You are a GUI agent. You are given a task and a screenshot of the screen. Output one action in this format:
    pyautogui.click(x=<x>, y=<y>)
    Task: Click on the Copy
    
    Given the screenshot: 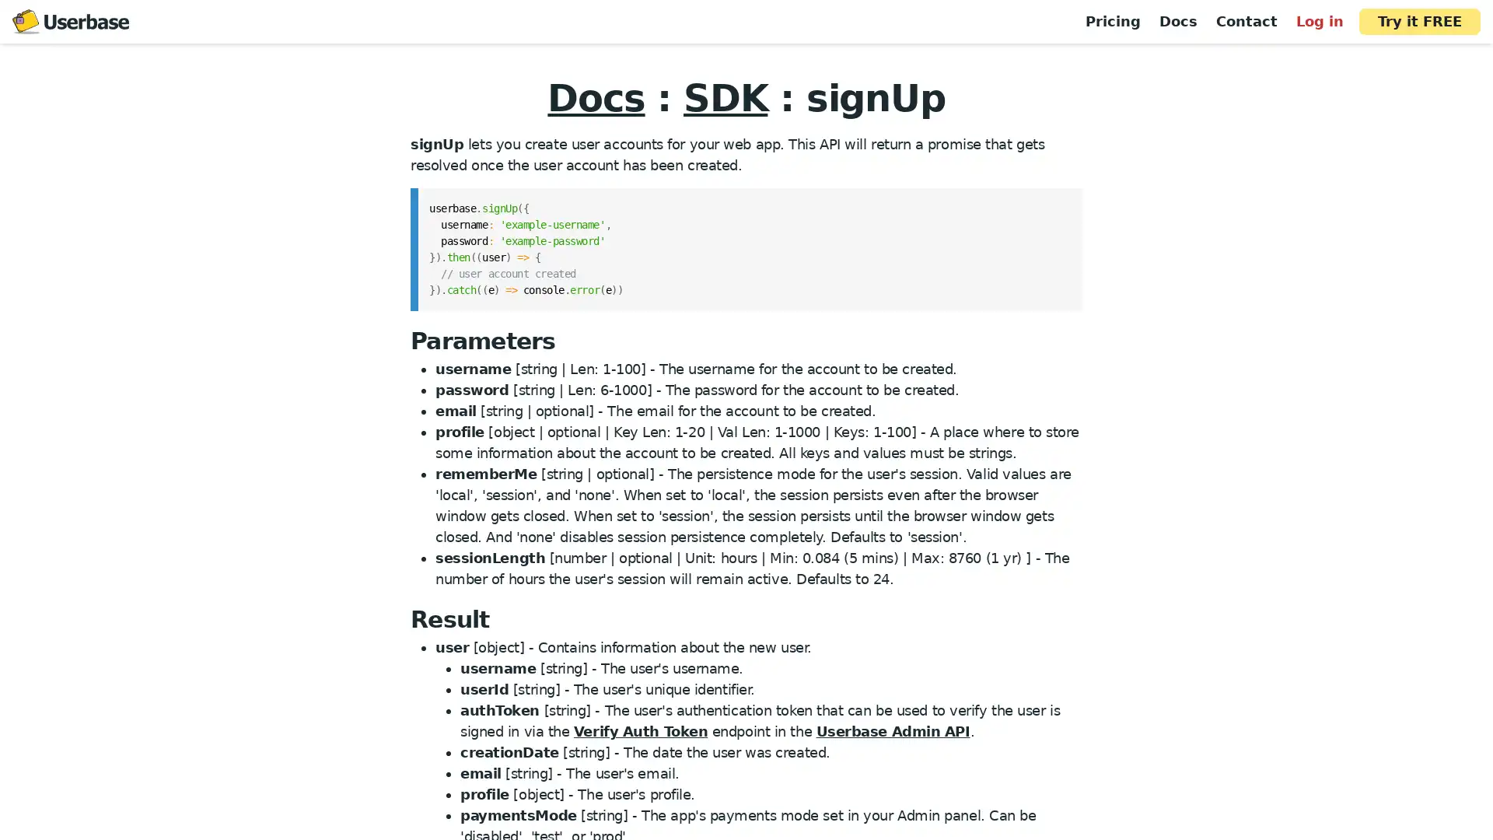 What is the action you would take?
    pyautogui.click(x=1059, y=203)
    